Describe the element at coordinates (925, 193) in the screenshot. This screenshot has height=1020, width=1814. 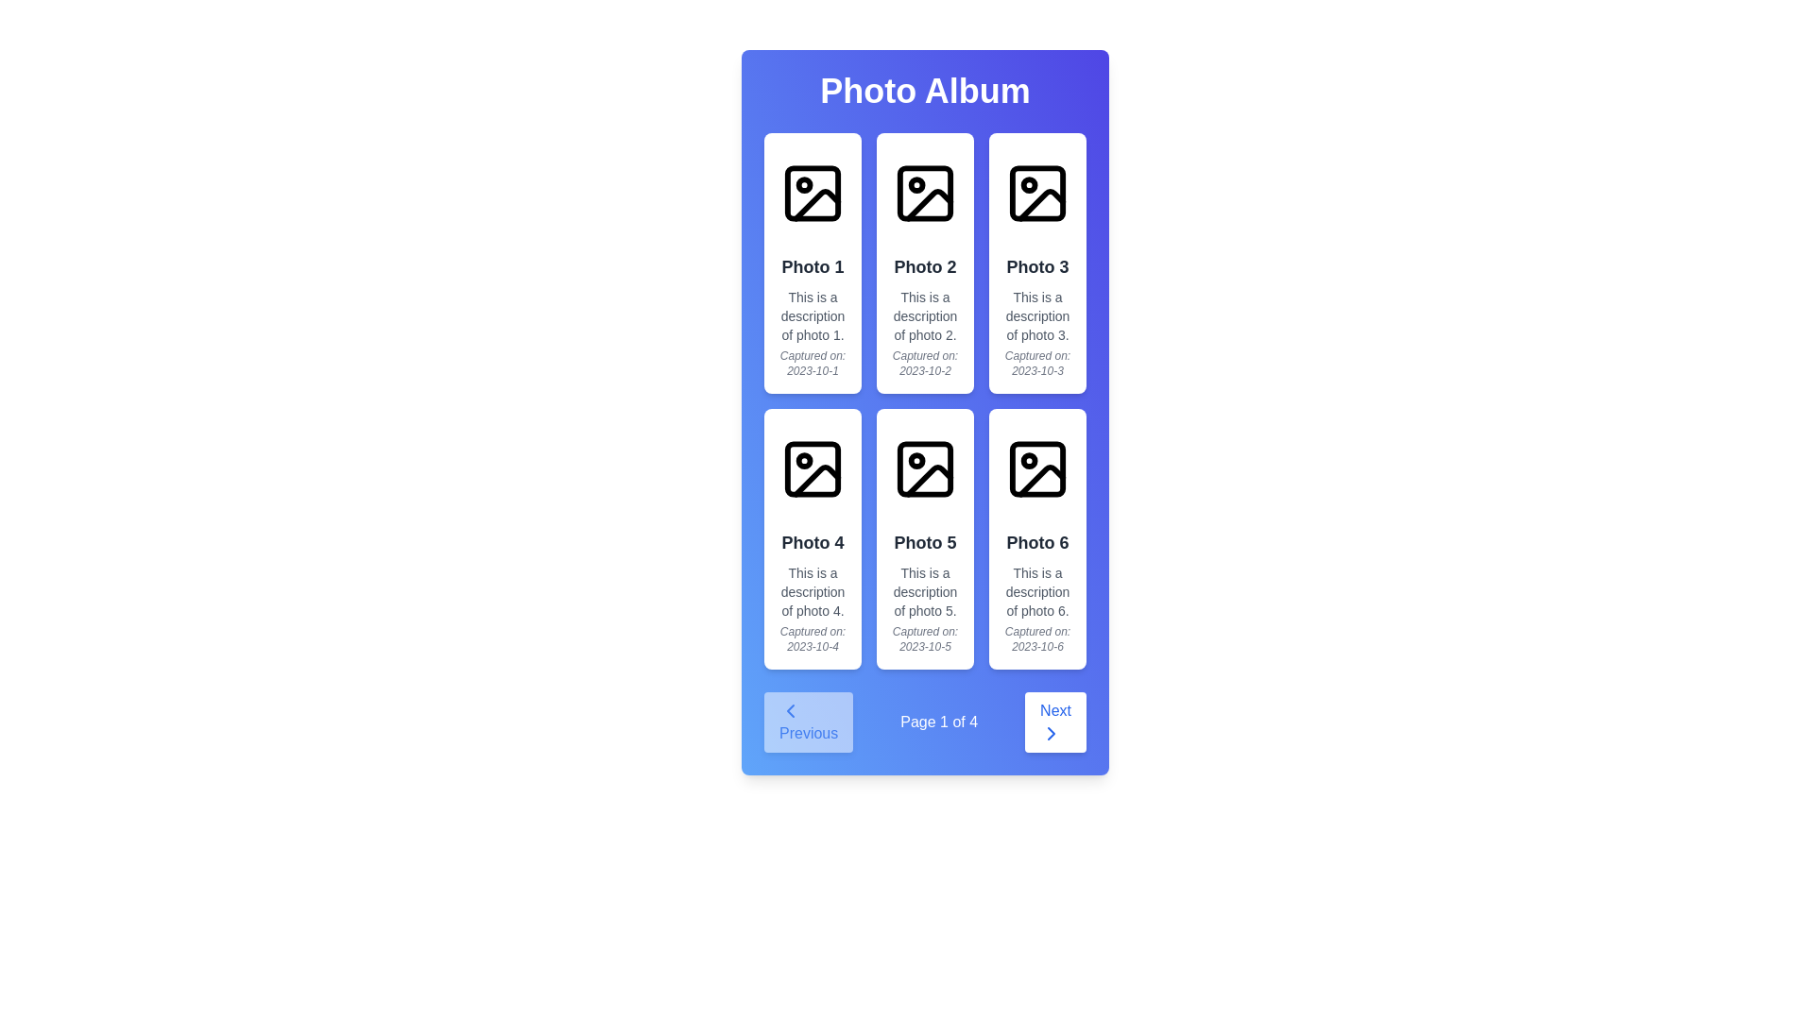
I see `the icon depicting an image symbol with a mountain and a sun, located at the top center of the card labeled 'Photo 2'` at that location.